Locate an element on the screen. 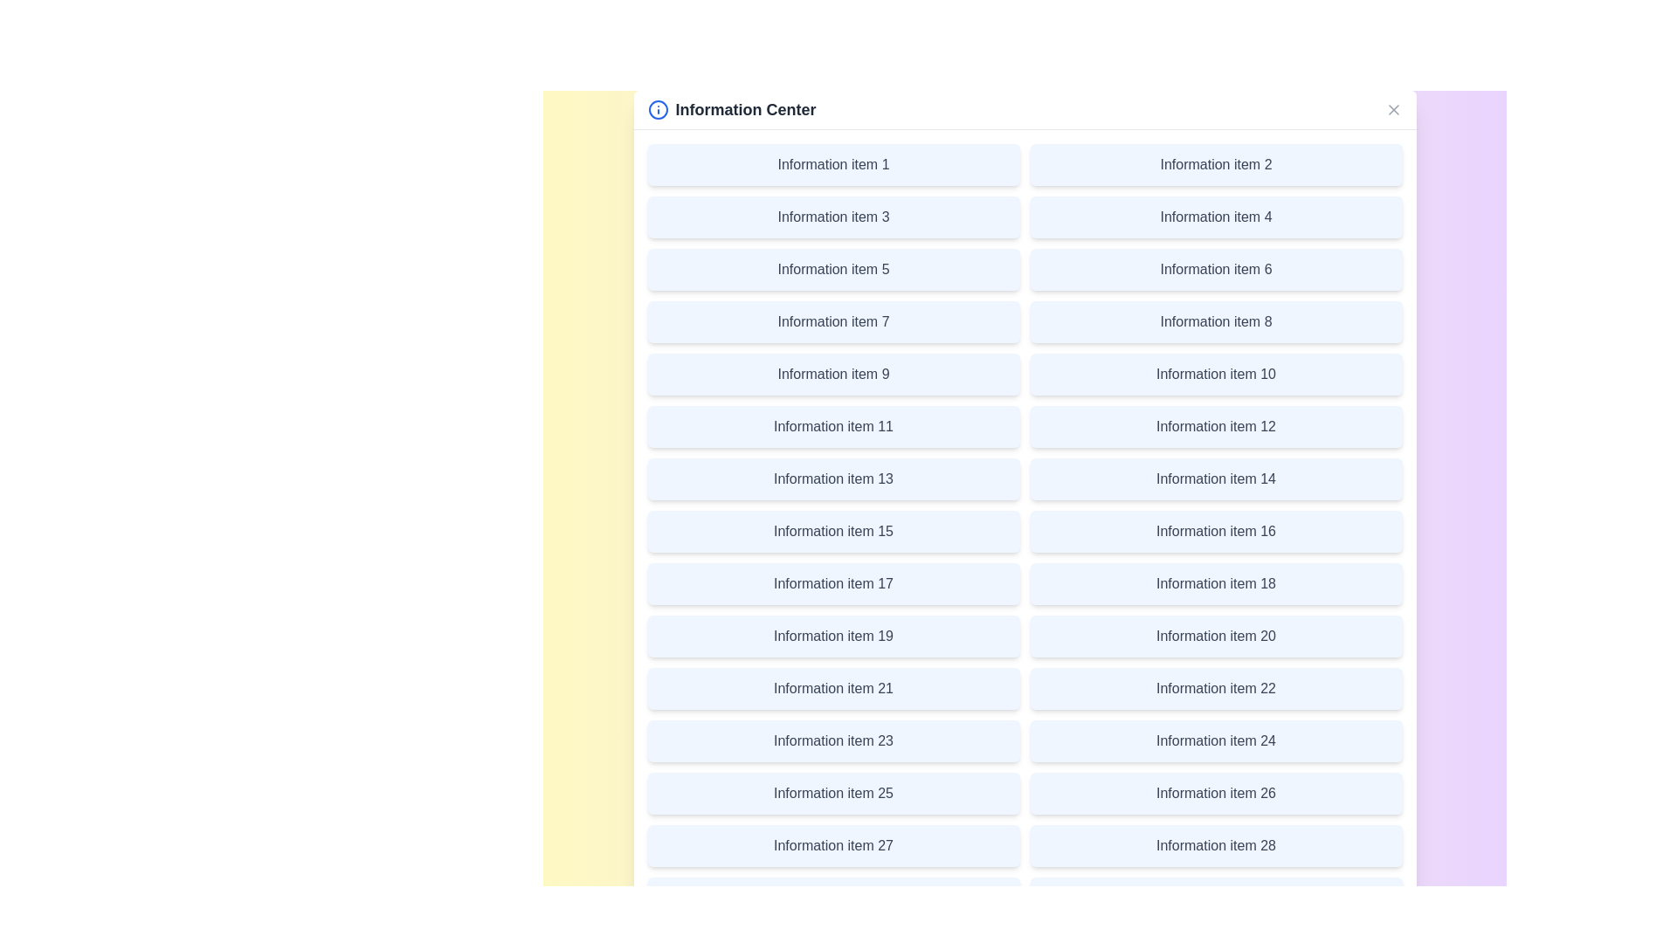 This screenshot has width=1677, height=943. the Information Center icon to interact with it is located at coordinates (657, 110).